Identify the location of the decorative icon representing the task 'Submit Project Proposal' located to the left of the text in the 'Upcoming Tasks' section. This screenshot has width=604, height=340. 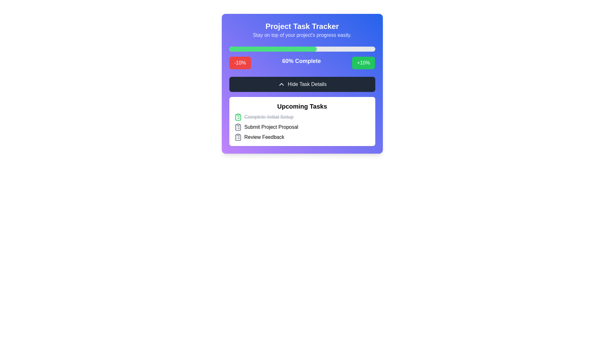
(238, 127).